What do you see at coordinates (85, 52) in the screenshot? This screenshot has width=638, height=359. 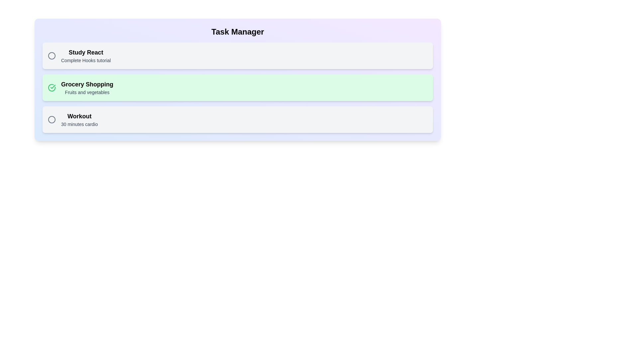 I see `the prominent text label styled in bold reading 'Study React', located at the top of the first task entry in the task list` at bounding box center [85, 52].